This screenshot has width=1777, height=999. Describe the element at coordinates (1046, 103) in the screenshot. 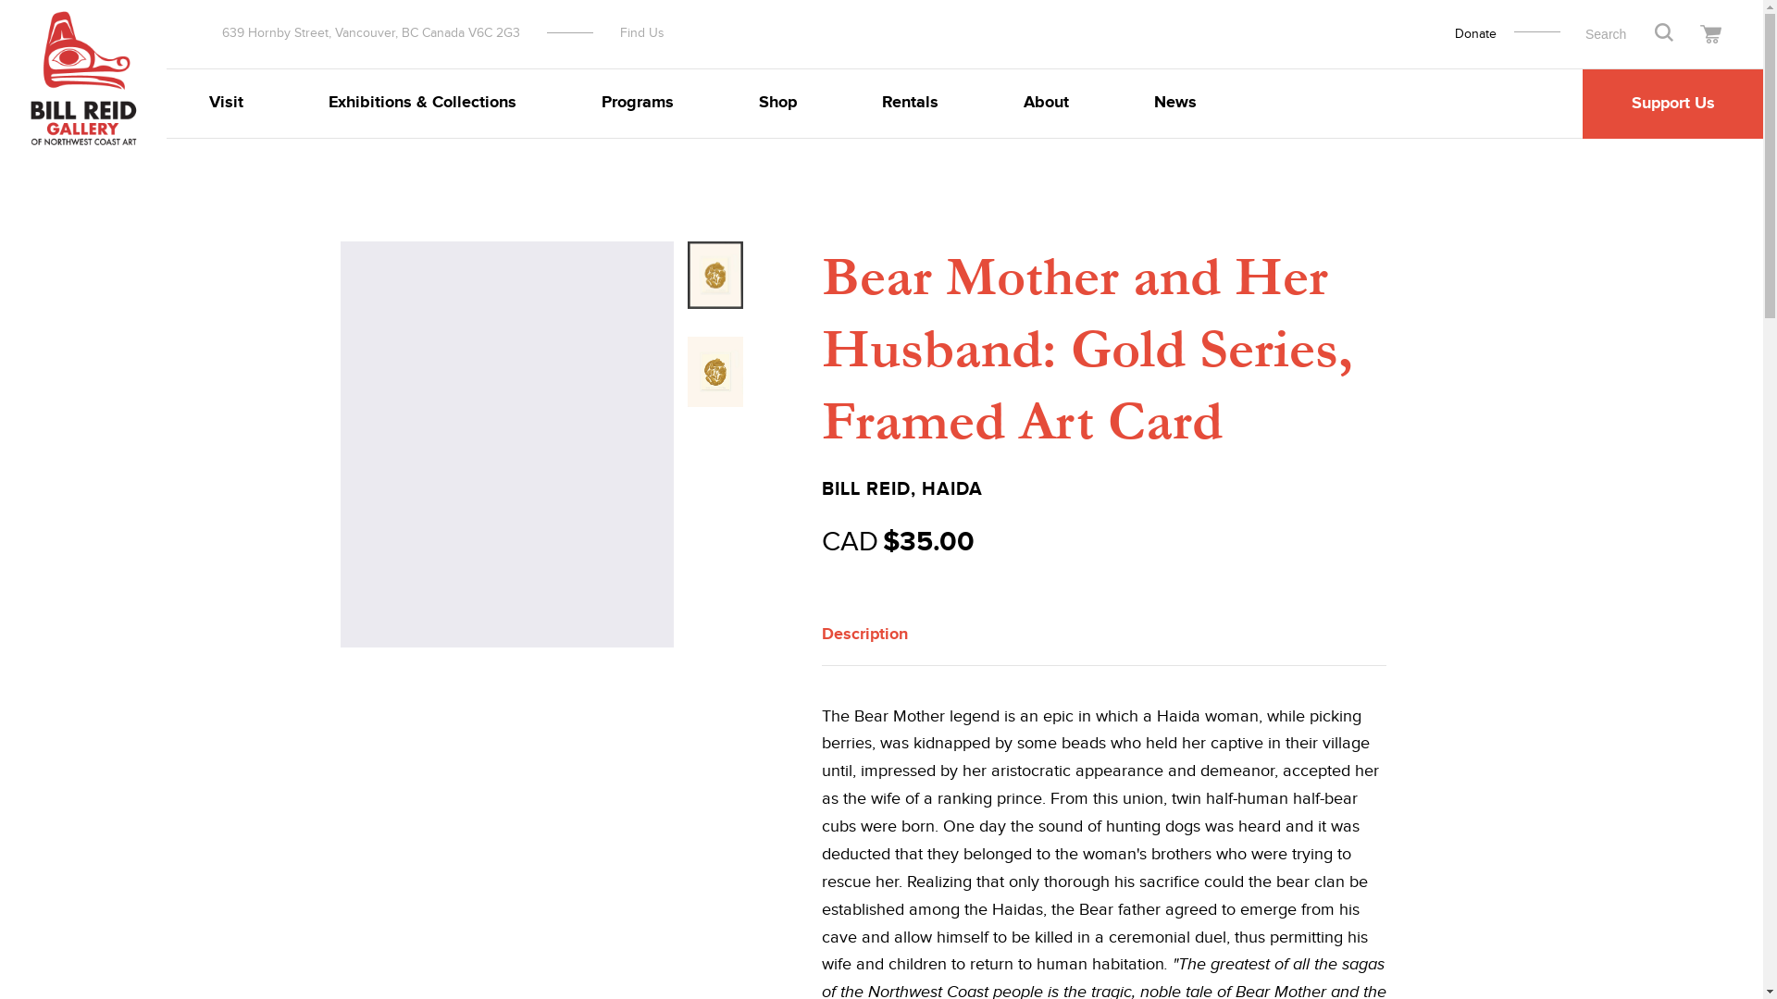

I see `'About'` at that location.